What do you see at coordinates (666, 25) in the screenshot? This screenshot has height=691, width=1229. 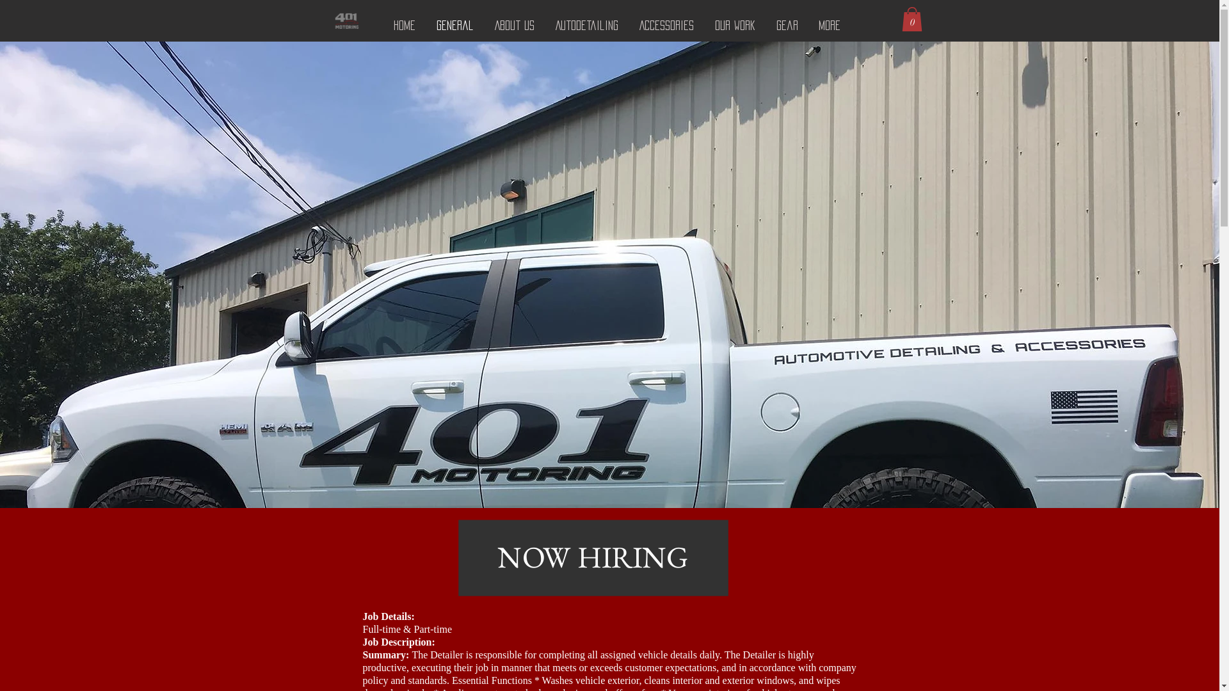 I see `'ACCESSORIES'` at bounding box center [666, 25].